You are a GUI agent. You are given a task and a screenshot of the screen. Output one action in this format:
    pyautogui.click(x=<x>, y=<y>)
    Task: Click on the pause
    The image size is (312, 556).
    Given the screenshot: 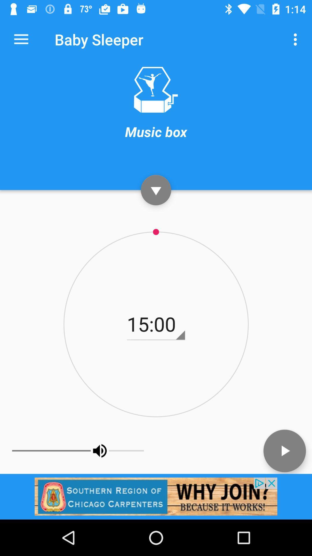 What is the action you would take?
    pyautogui.click(x=156, y=190)
    